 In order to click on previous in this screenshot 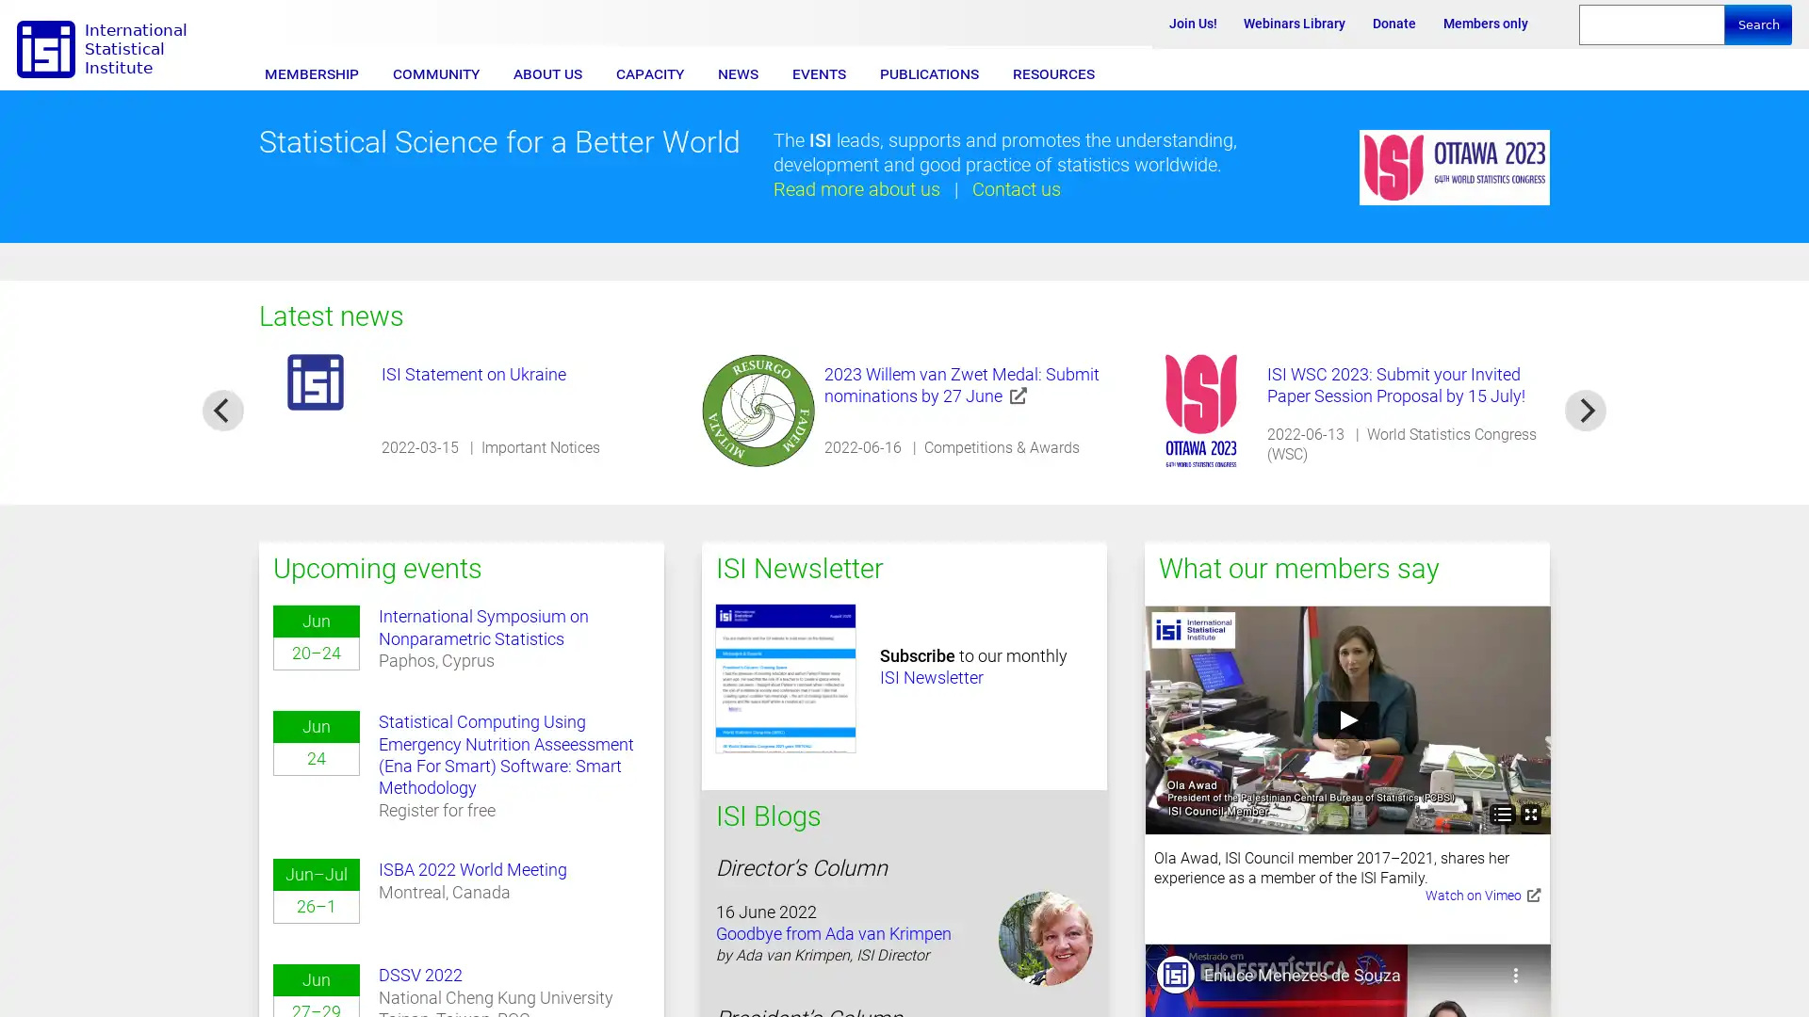, I will do `click(222, 409)`.